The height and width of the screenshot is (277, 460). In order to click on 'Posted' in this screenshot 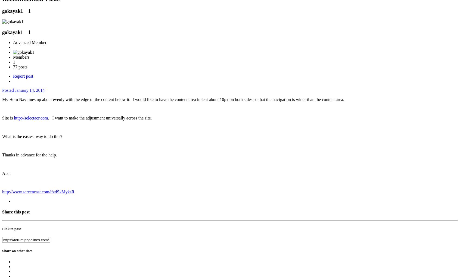, I will do `click(8, 90)`.